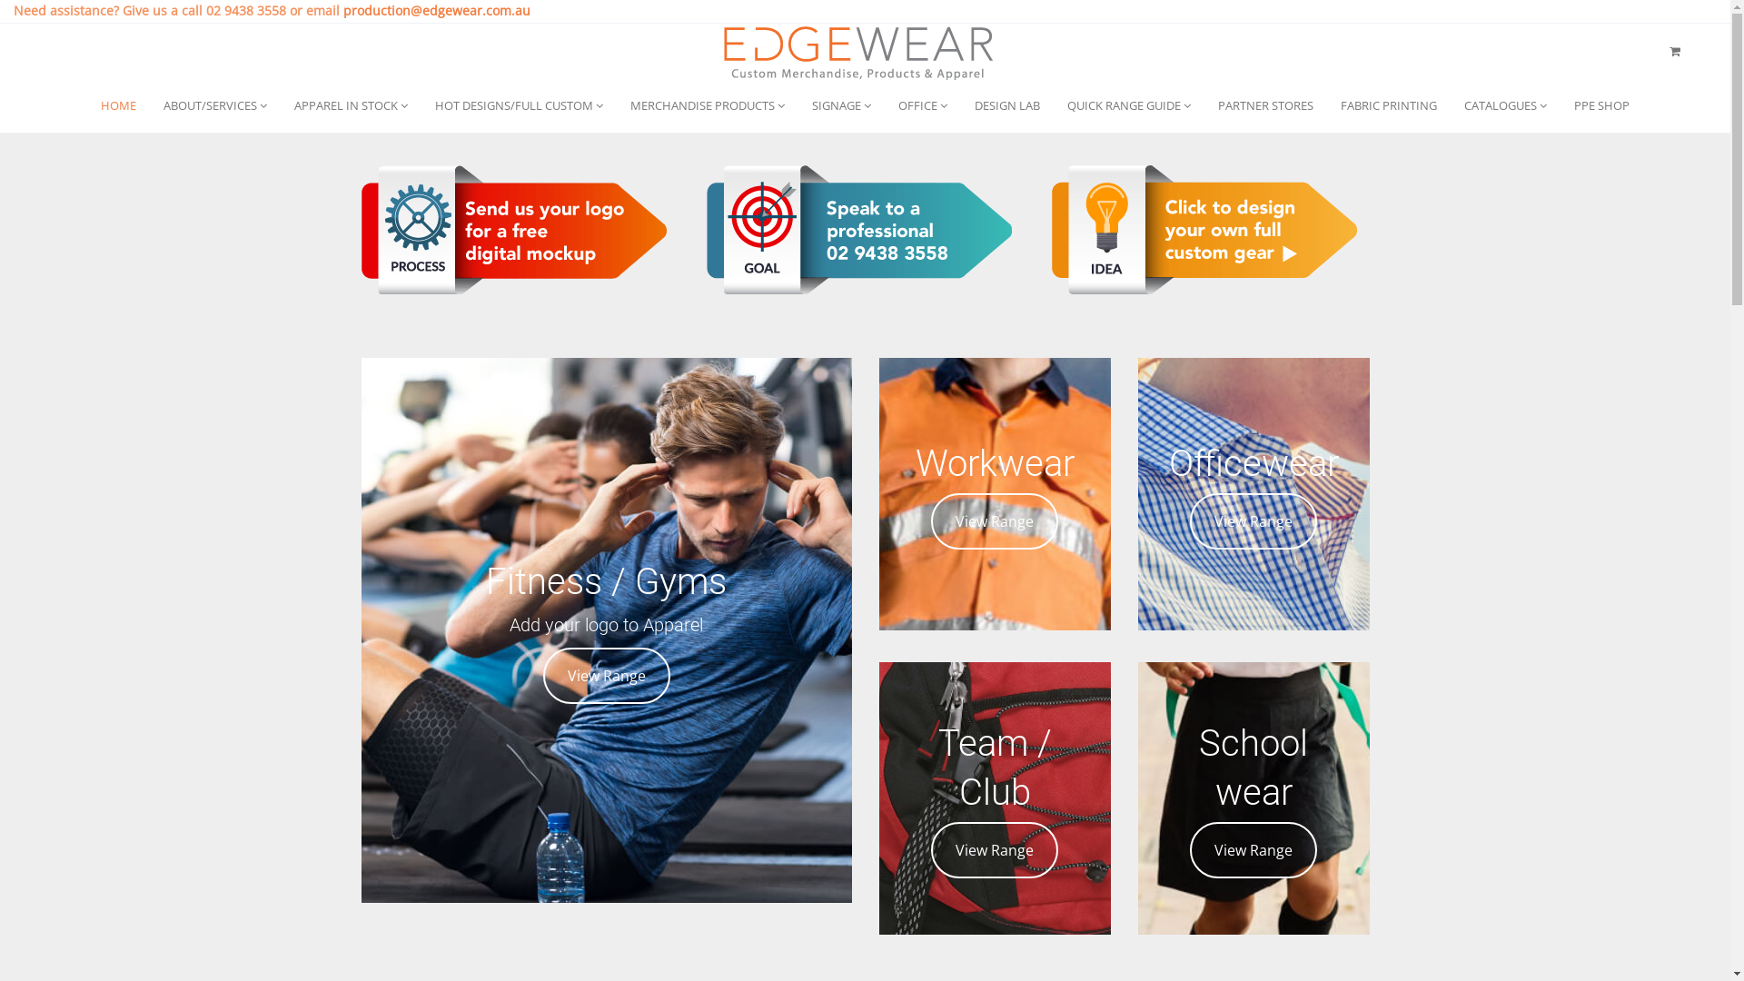 The width and height of the screenshot is (1744, 981). I want to click on 'HOME', so click(117, 104).